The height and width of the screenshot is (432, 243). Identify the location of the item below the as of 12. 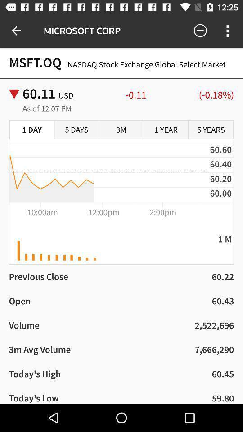
(76, 130).